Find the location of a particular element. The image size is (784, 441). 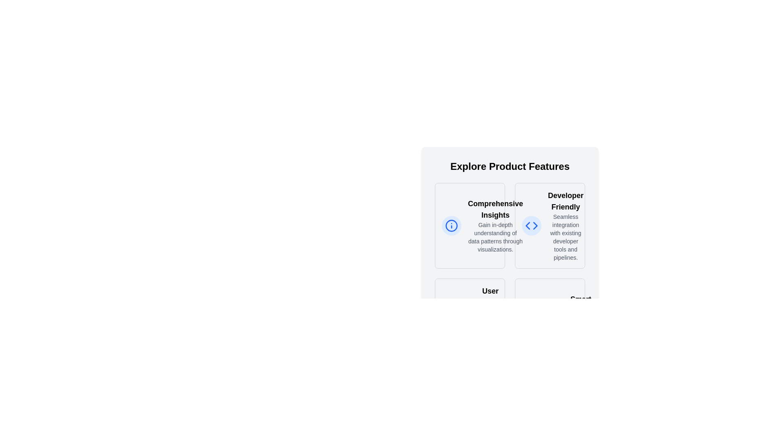

displayed text in the Informational Text section located in the center column beneath the blue background icon in the 'Explore Product Features' section is located at coordinates (495, 225).